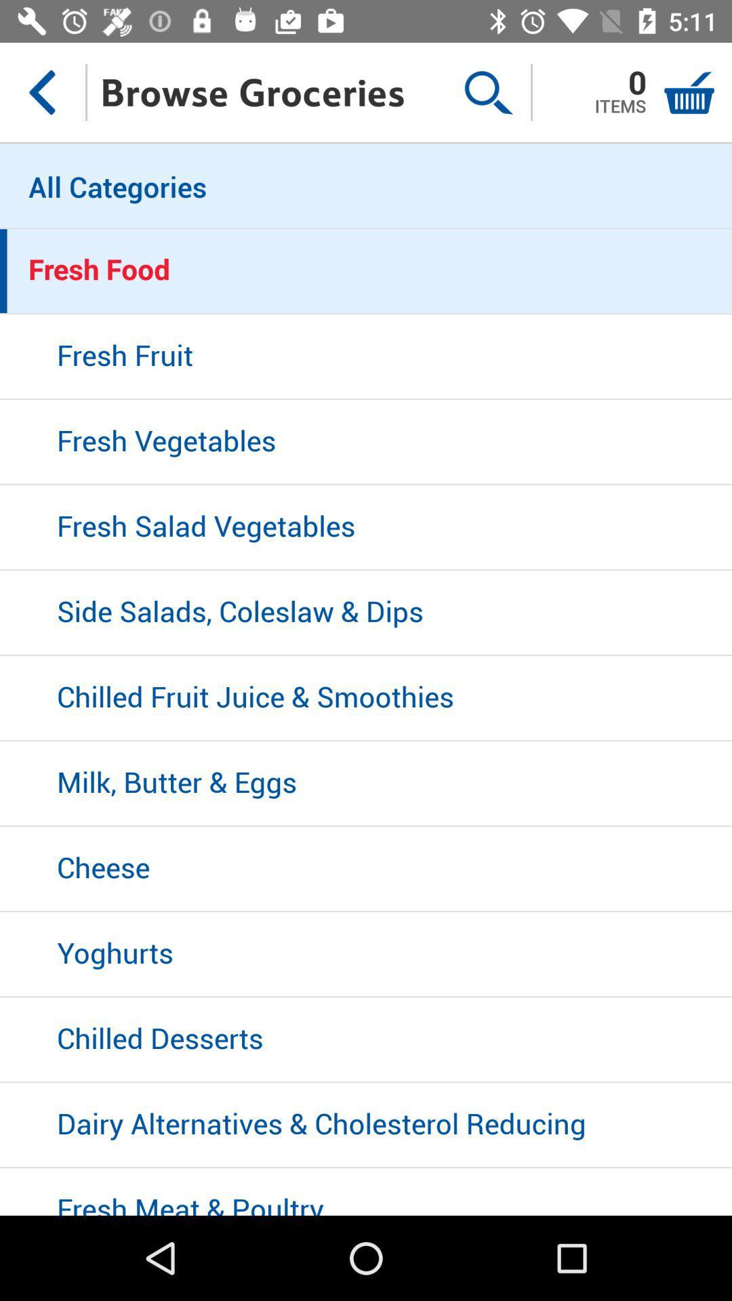 The width and height of the screenshot is (732, 1301). I want to click on the item next to the browse groceries item, so click(488, 91).